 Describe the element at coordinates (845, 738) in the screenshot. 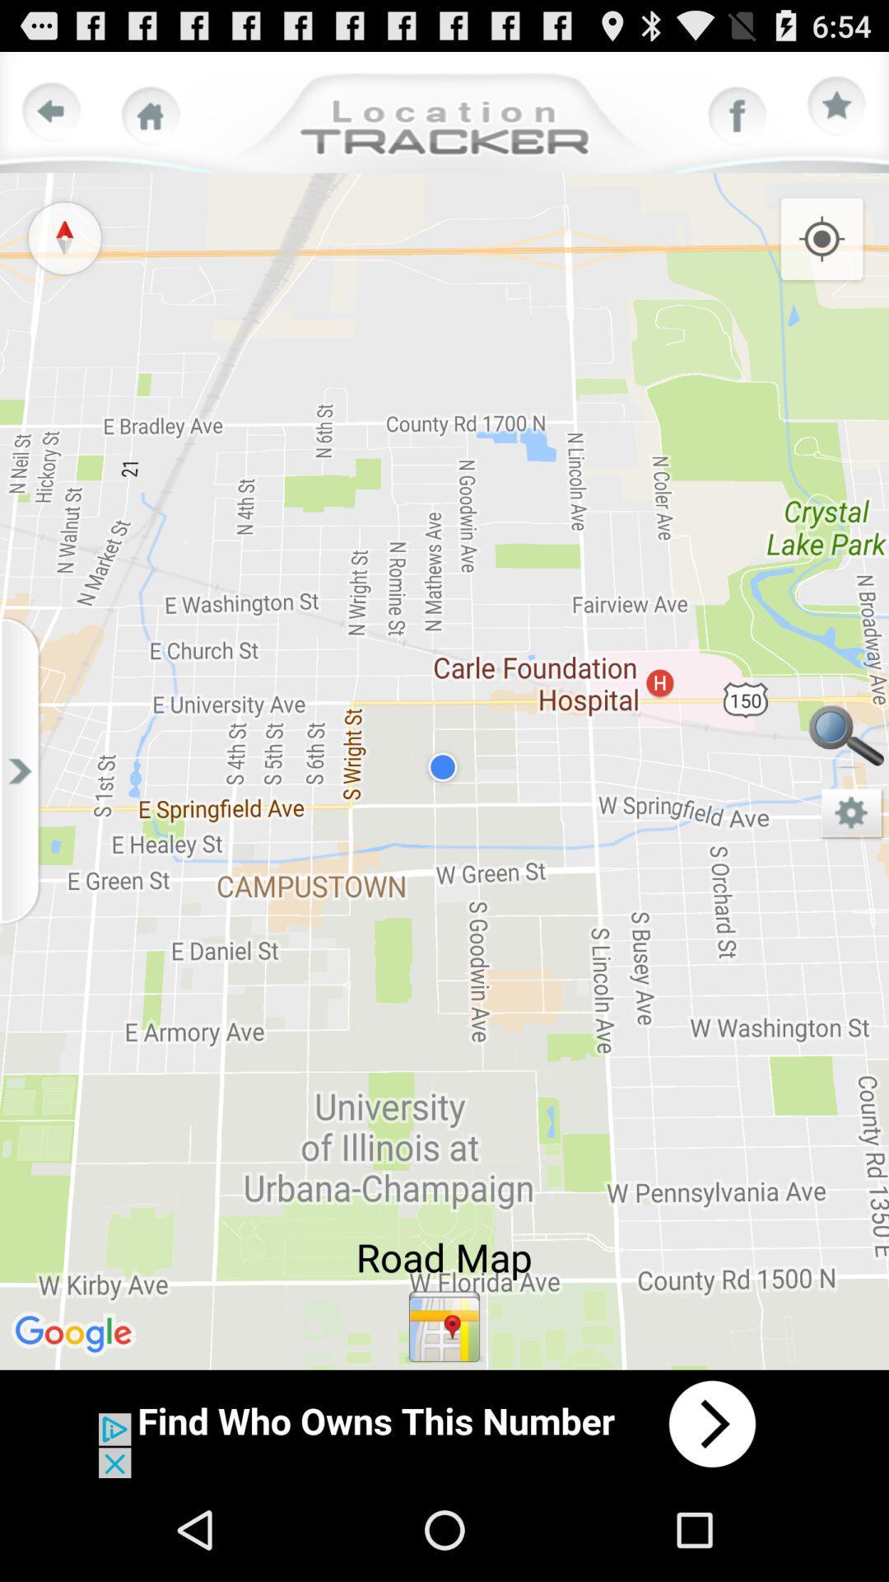

I see `search option` at that location.